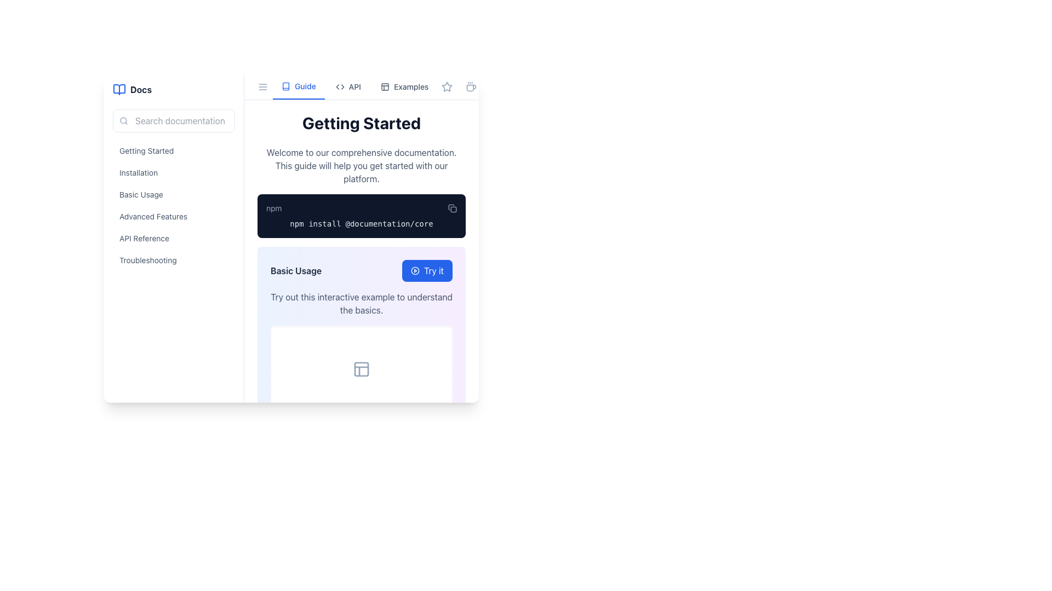 This screenshot has height=591, width=1052. Describe the element at coordinates (452, 208) in the screenshot. I see `the icon button located in the top-right corner of the dark background rectangle containing the text 'npm'` at that location.